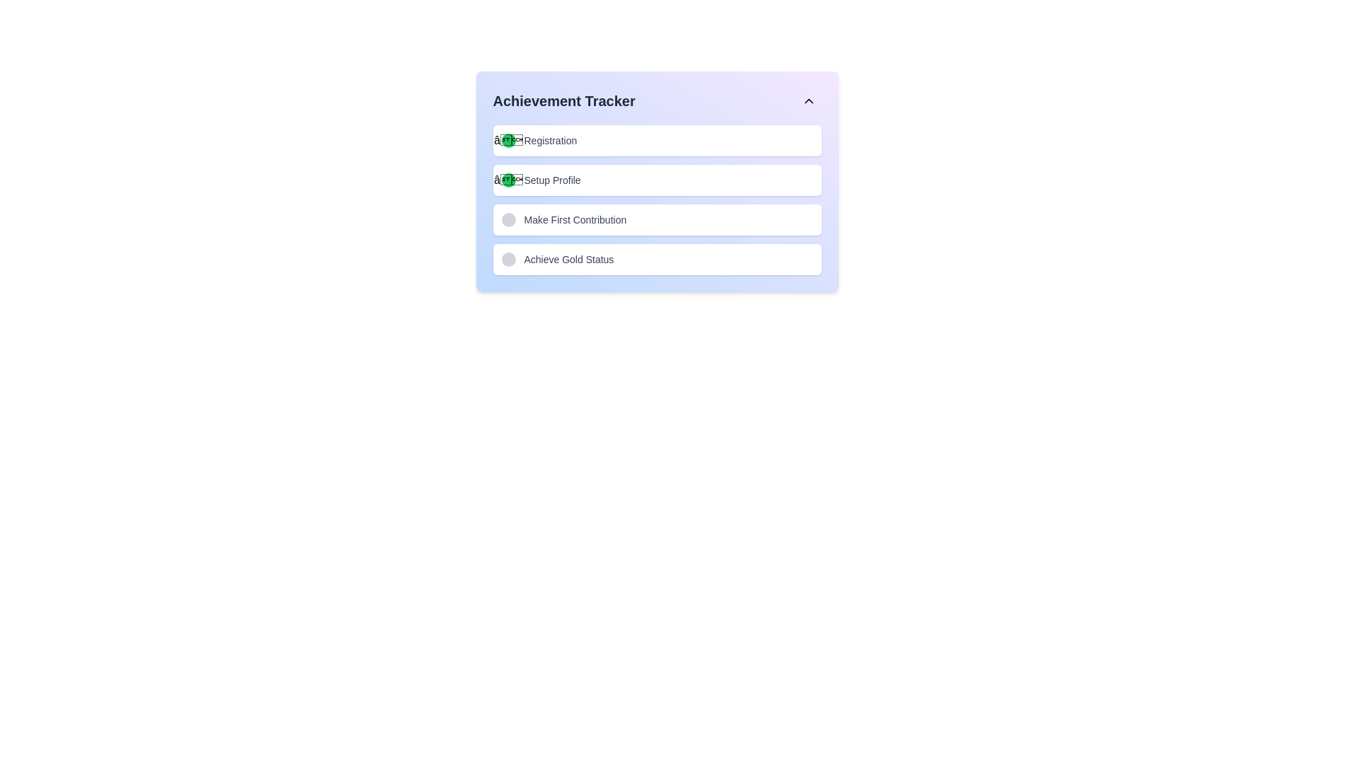 This screenshot has width=1359, height=764. What do you see at coordinates (508, 179) in the screenshot?
I see `the status represented by the Indicator Icon located to the left of the 'Setup Profile' text in the 'Achievement Tracker' section` at bounding box center [508, 179].